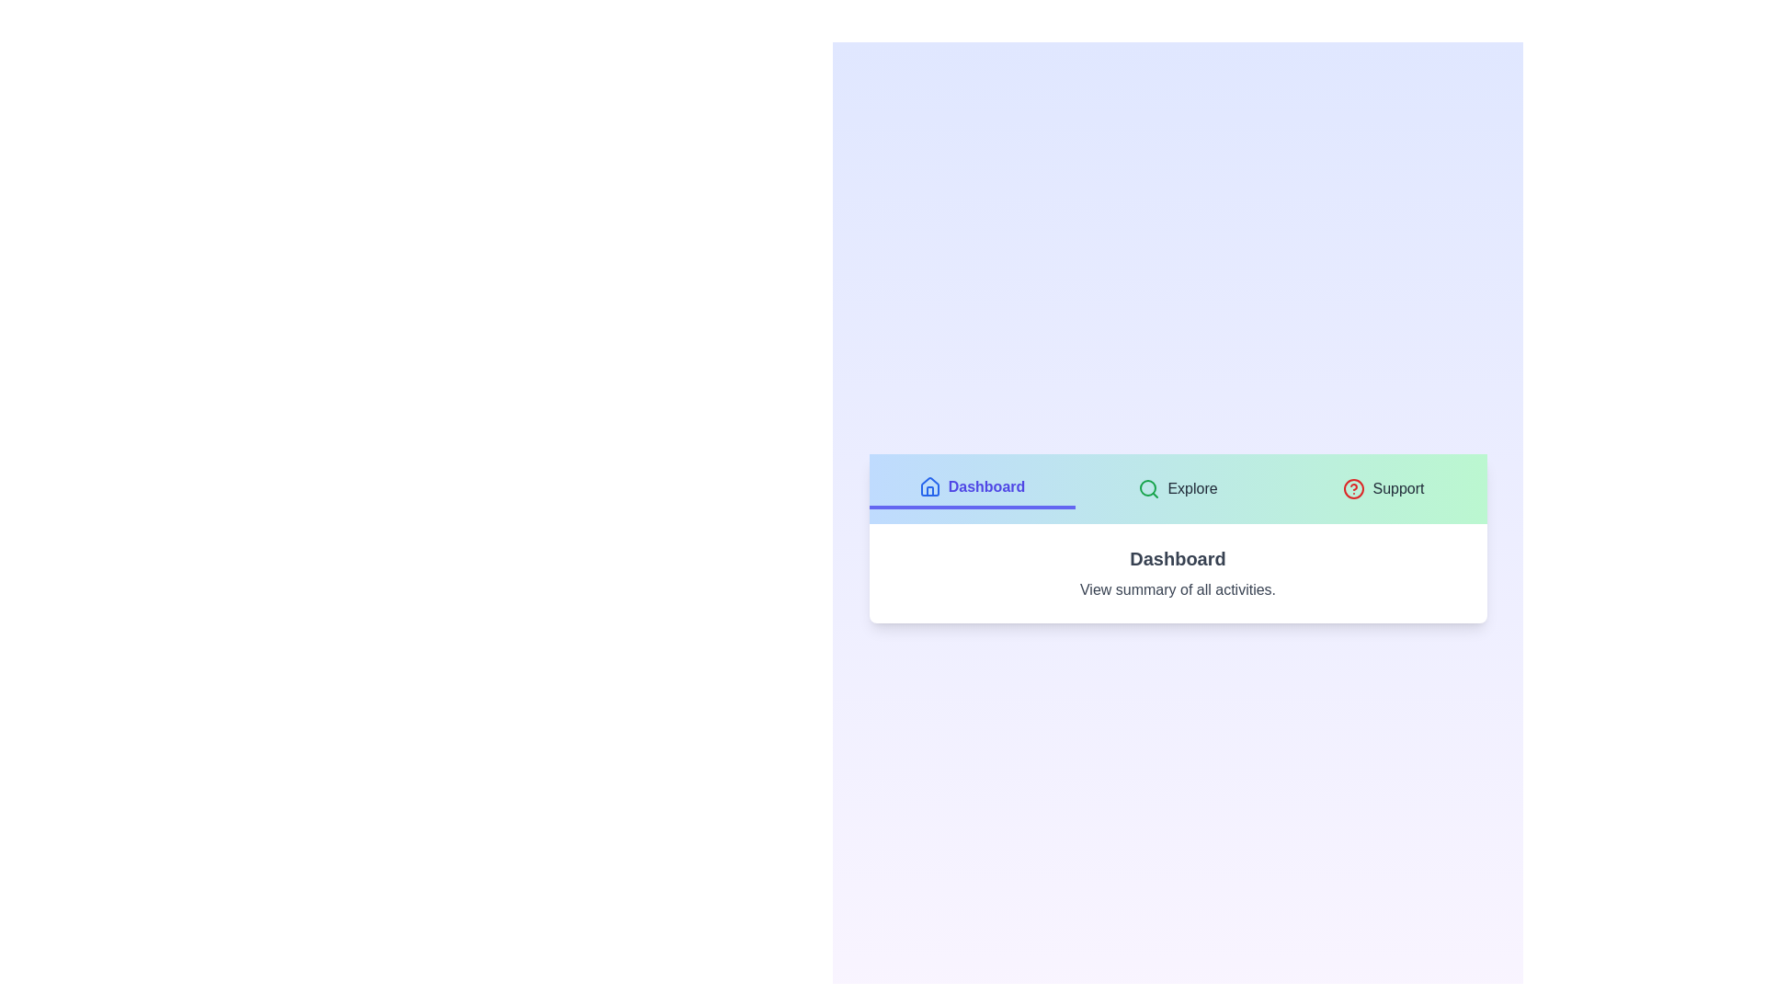 This screenshot has height=993, width=1765. I want to click on the tab Explore in the VibrantTabs component, so click(1178, 488).